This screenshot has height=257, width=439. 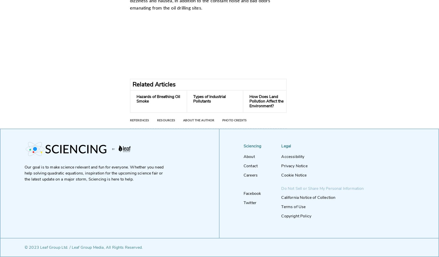 I want to click on 'Twitter', so click(x=250, y=203).